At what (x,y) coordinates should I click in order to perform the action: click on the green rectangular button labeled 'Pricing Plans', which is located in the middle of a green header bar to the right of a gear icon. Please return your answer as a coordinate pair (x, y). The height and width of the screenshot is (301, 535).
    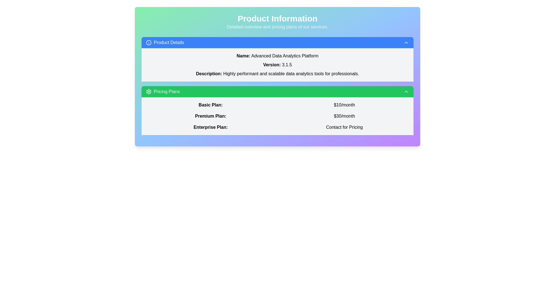
    Looking at the image, I should click on (166, 91).